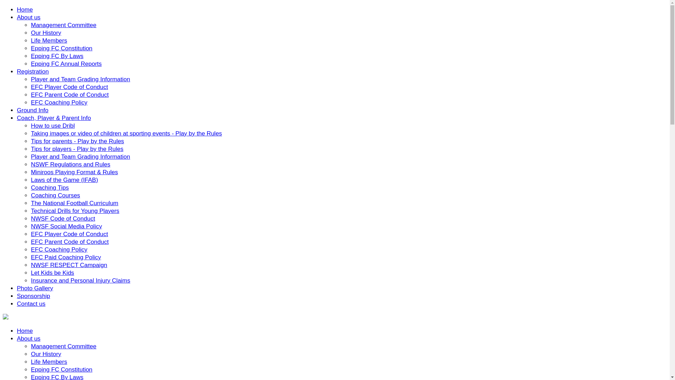 Image resolution: width=675 pixels, height=380 pixels. What do you see at coordinates (52, 125) in the screenshot?
I see `'How to use Dribl'` at bounding box center [52, 125].